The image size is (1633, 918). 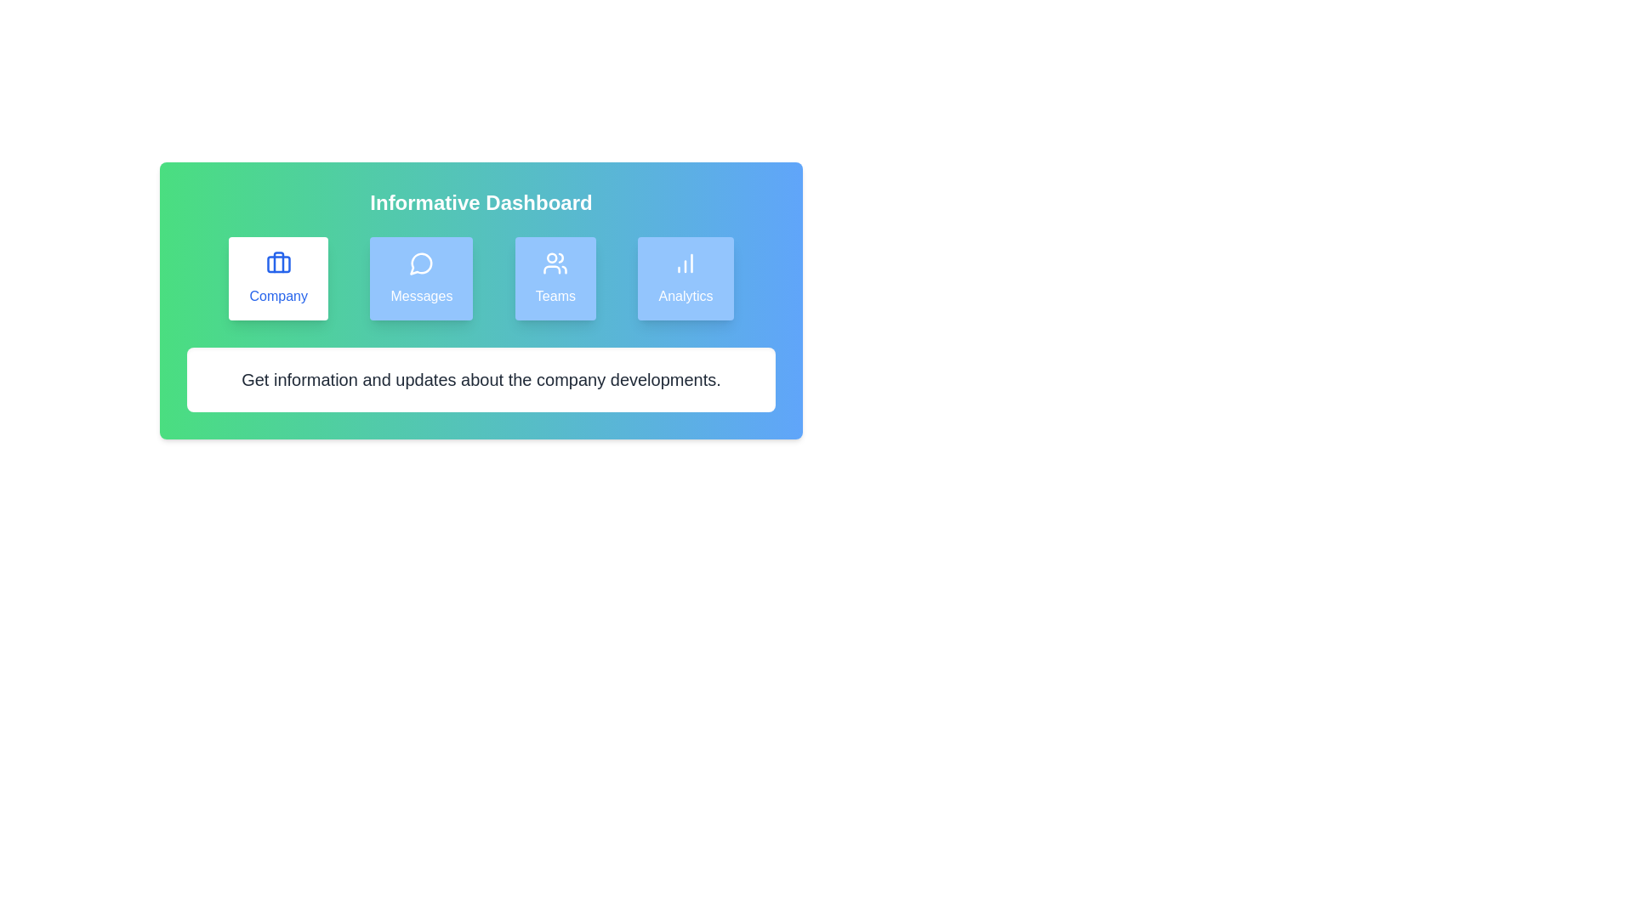 What do you see at coordinates (686, 277) in the screenshot?
I see `the 'Analytics' button, which is the fourth button from the left in the row under 'Informative Dashboard', to trigger hover effects` at bounding box center [686, 277].